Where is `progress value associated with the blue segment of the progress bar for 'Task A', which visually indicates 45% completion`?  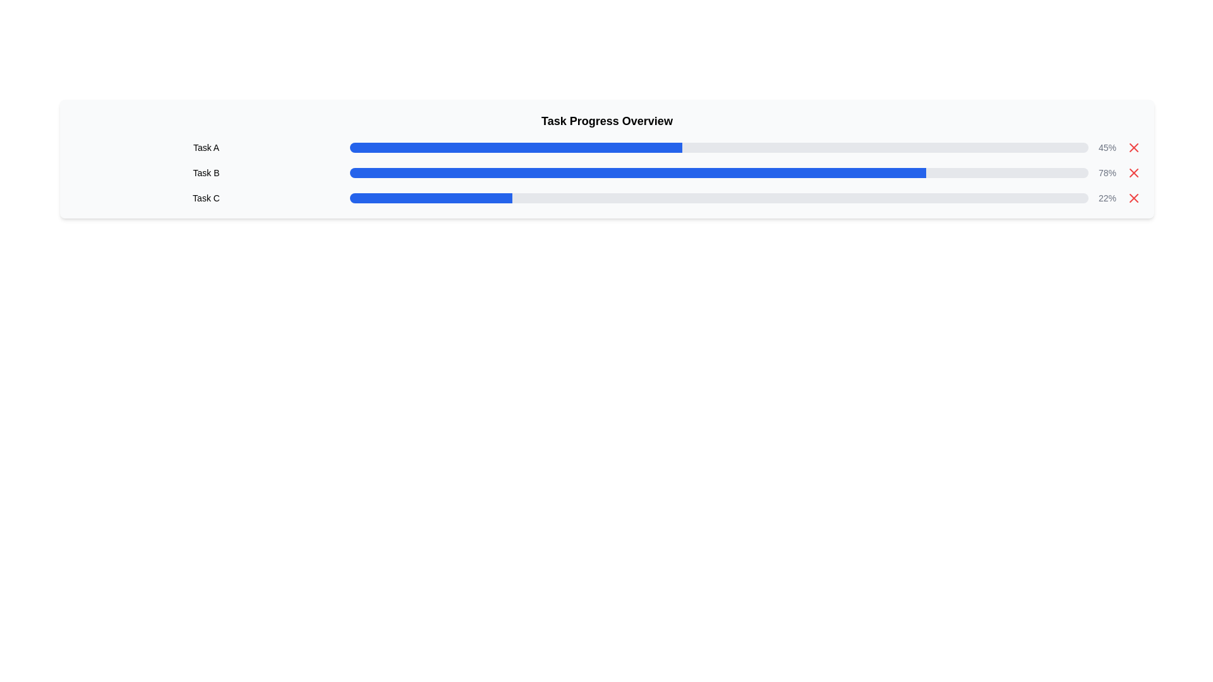 progress value associated with the blue segment of the progress bar for 'Task A', which visually indicates 45% completion is located at coordinates (516, 147).